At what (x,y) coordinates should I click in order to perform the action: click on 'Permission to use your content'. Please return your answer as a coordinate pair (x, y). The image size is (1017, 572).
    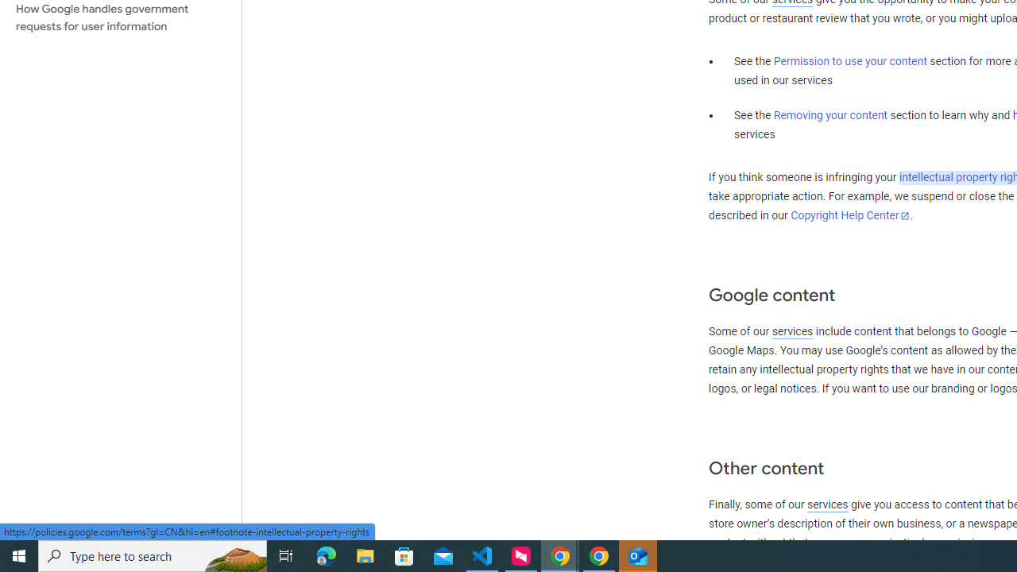
    Looking at the image, I should click on (849, 61).